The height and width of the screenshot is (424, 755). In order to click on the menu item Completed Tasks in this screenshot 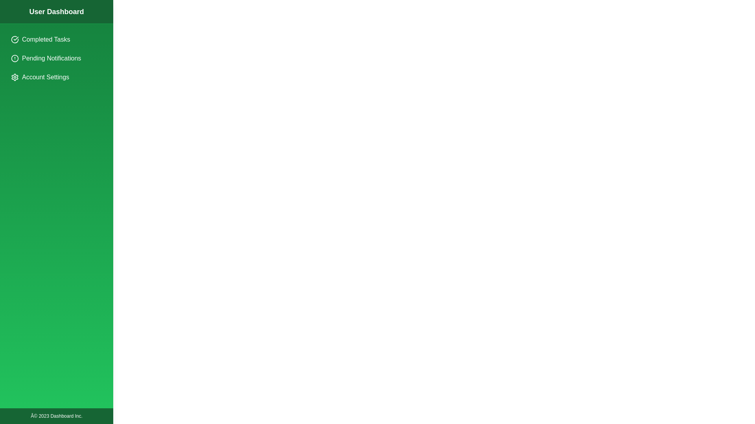, I will do `click(56, 39)`.